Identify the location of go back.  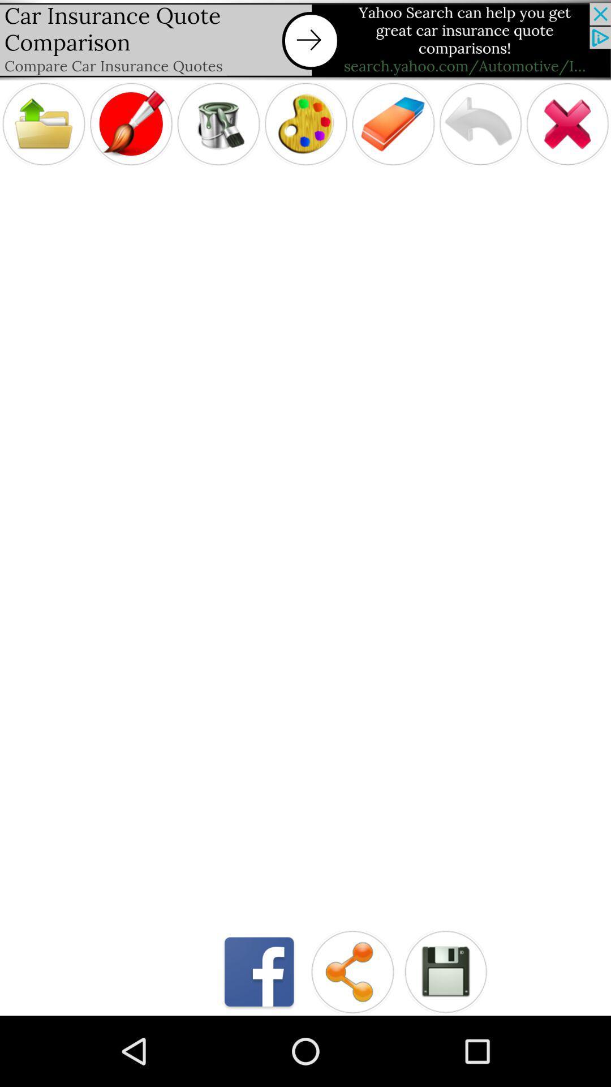
(480, 124).